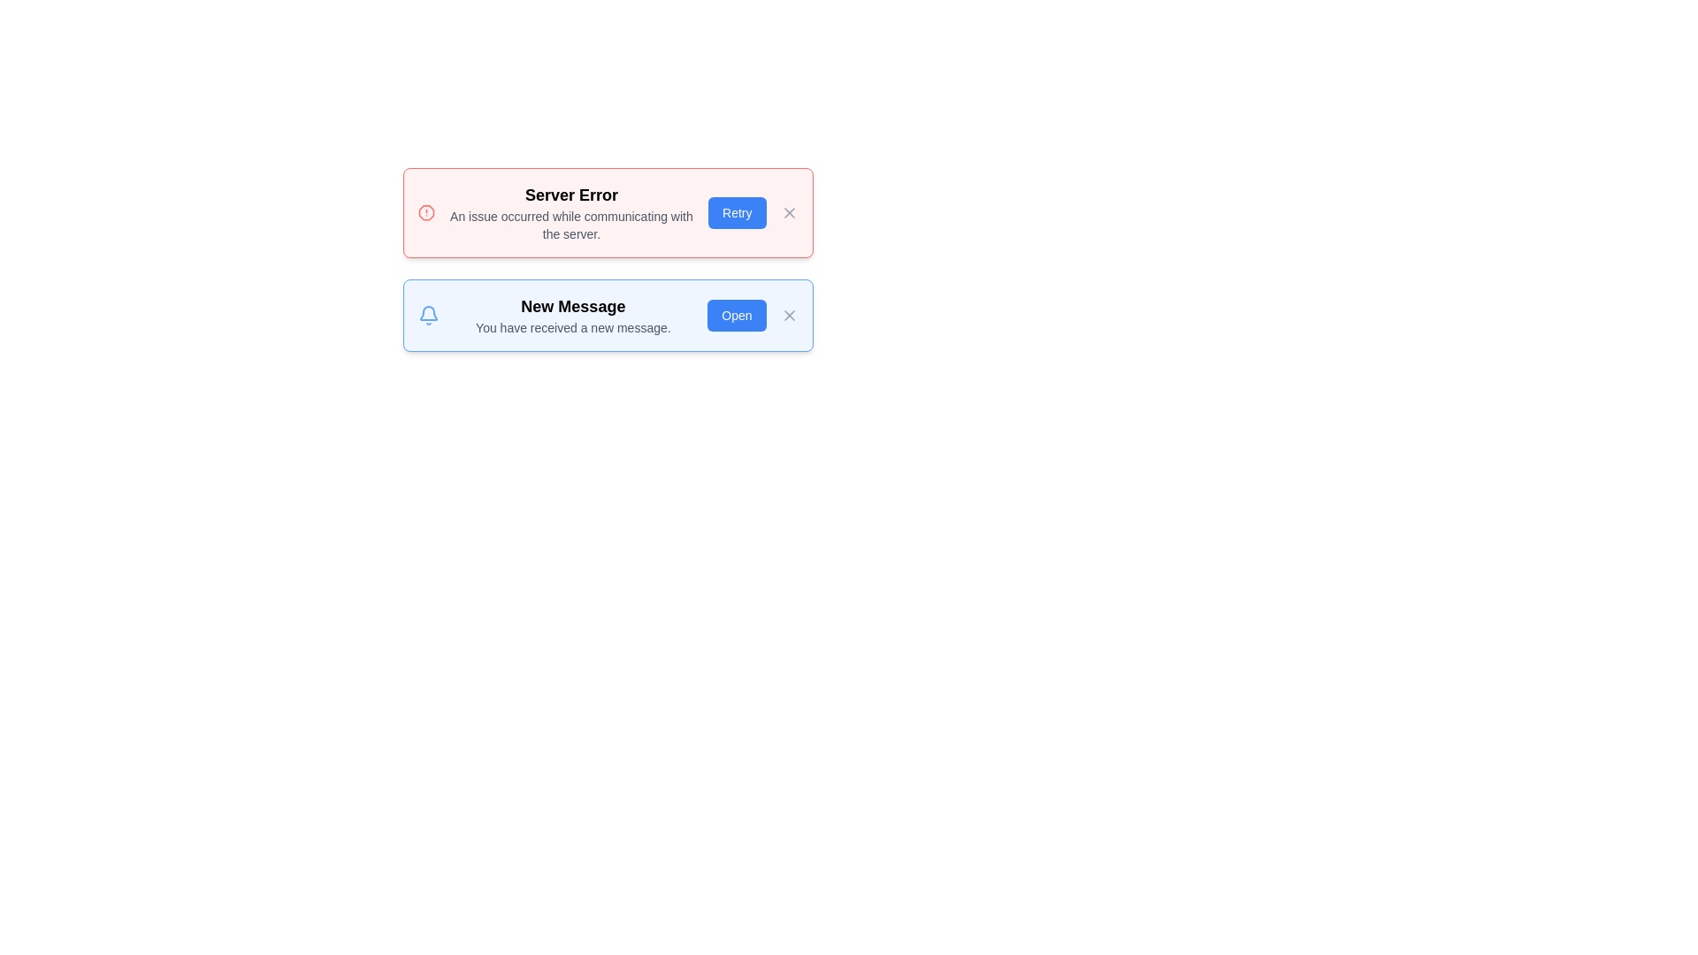  What do you see at coordinates (737, 211) in the screenshot?
I see `the retry button located on the right side of the 'Server Error' alert, which has a light red background and is next to the descriptive message and close button` at bounding box center [737, 211].